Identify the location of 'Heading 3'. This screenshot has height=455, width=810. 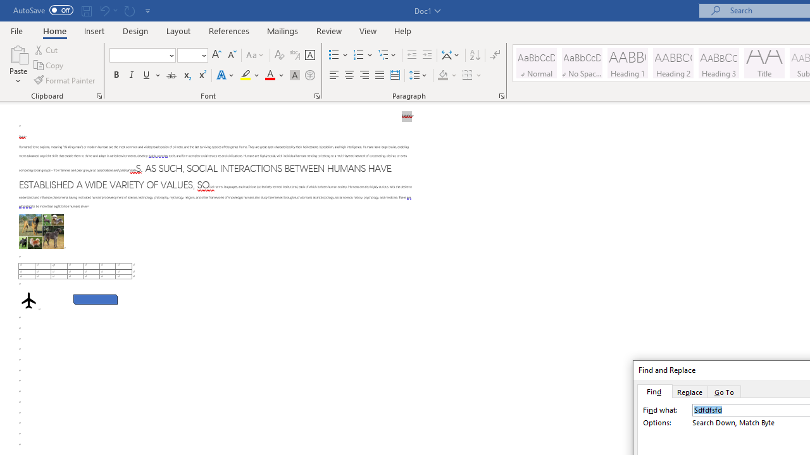
(719, 63).